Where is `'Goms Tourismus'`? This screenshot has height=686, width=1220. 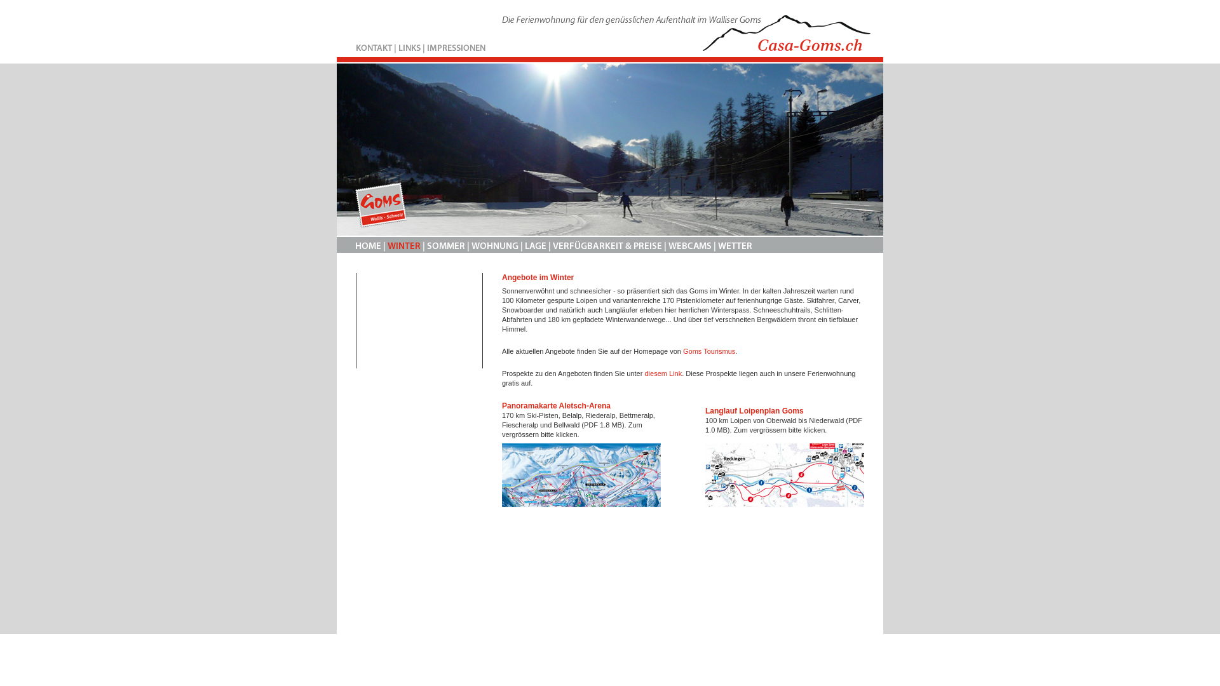
'Goms Tourismus' is located at coordinates (708, 351).